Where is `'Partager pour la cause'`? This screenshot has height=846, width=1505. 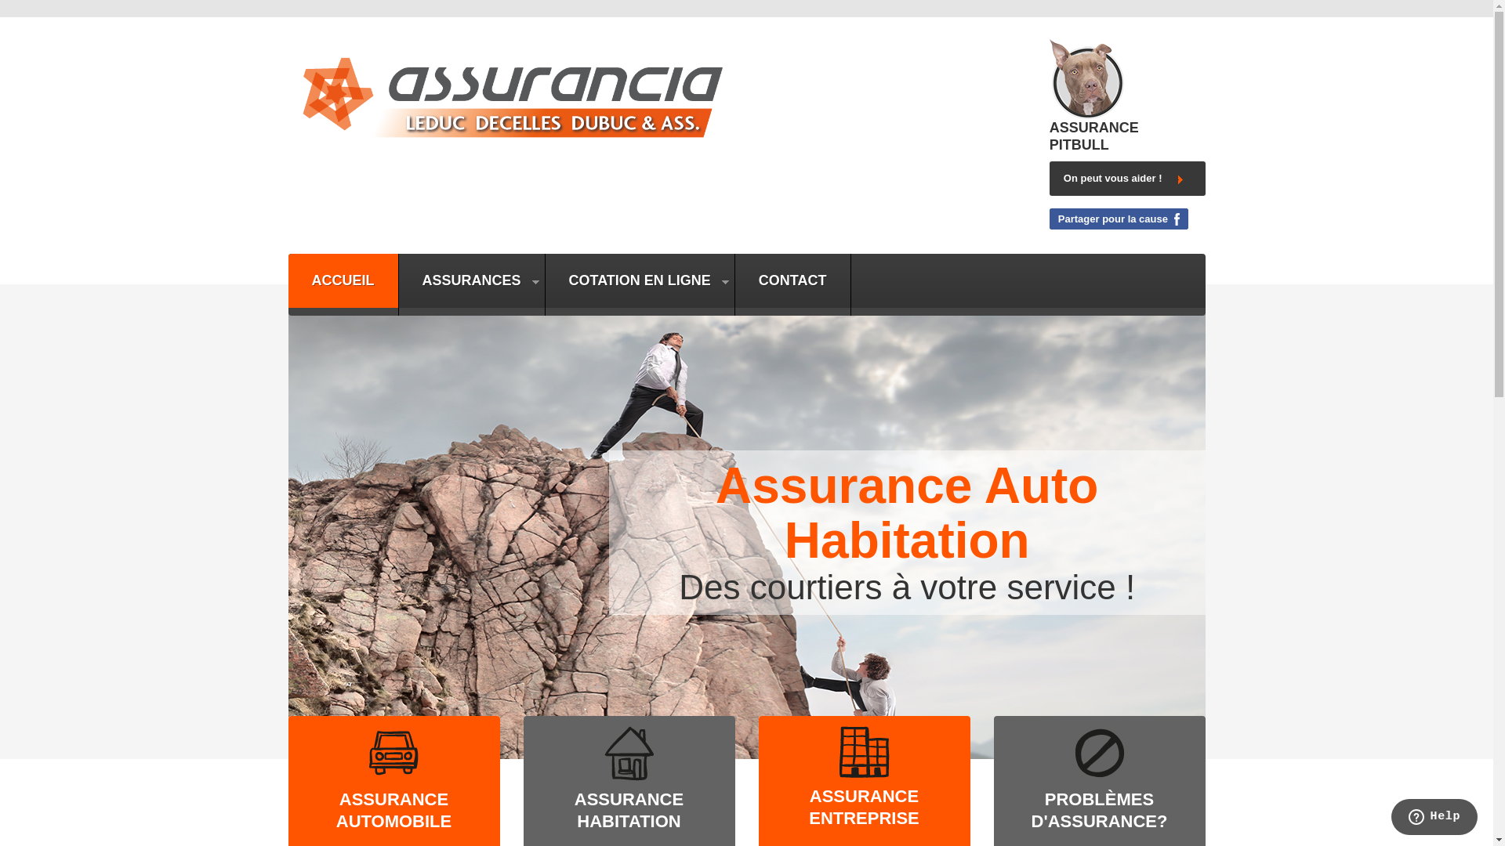
'Partager pour la cause' is located at coordinates (1118, 219).